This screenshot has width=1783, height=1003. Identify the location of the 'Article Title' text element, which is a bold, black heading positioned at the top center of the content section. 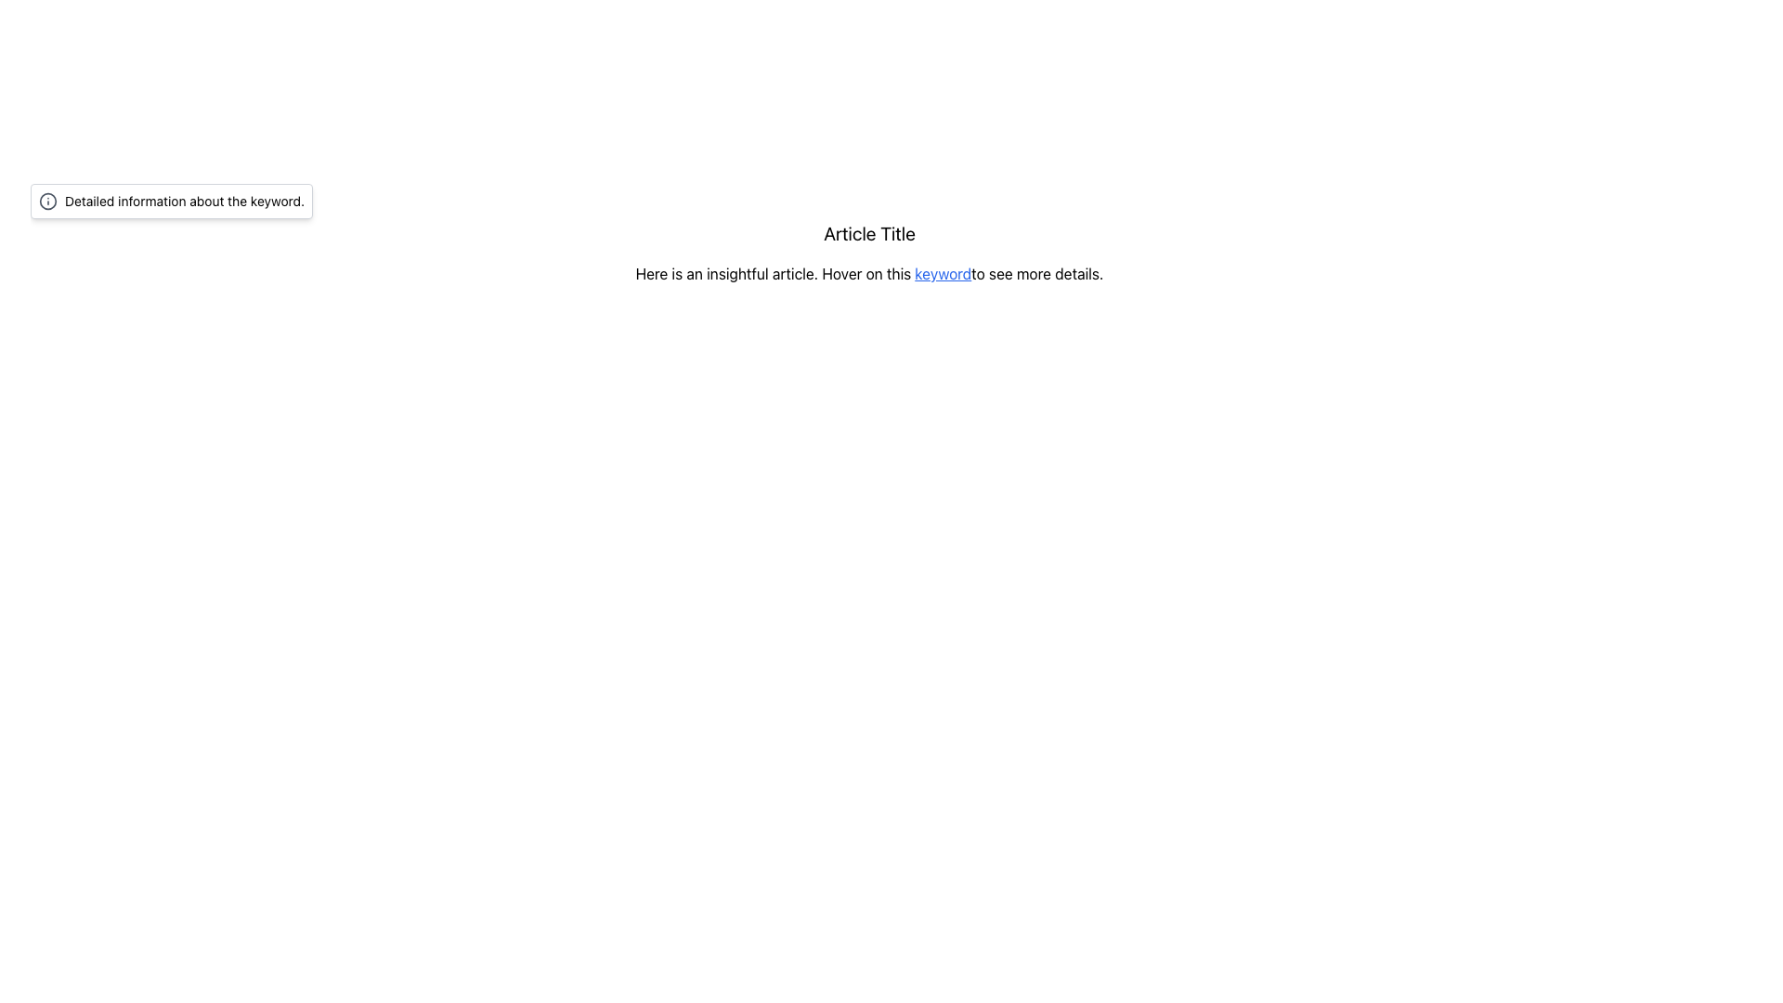
(868, 232).